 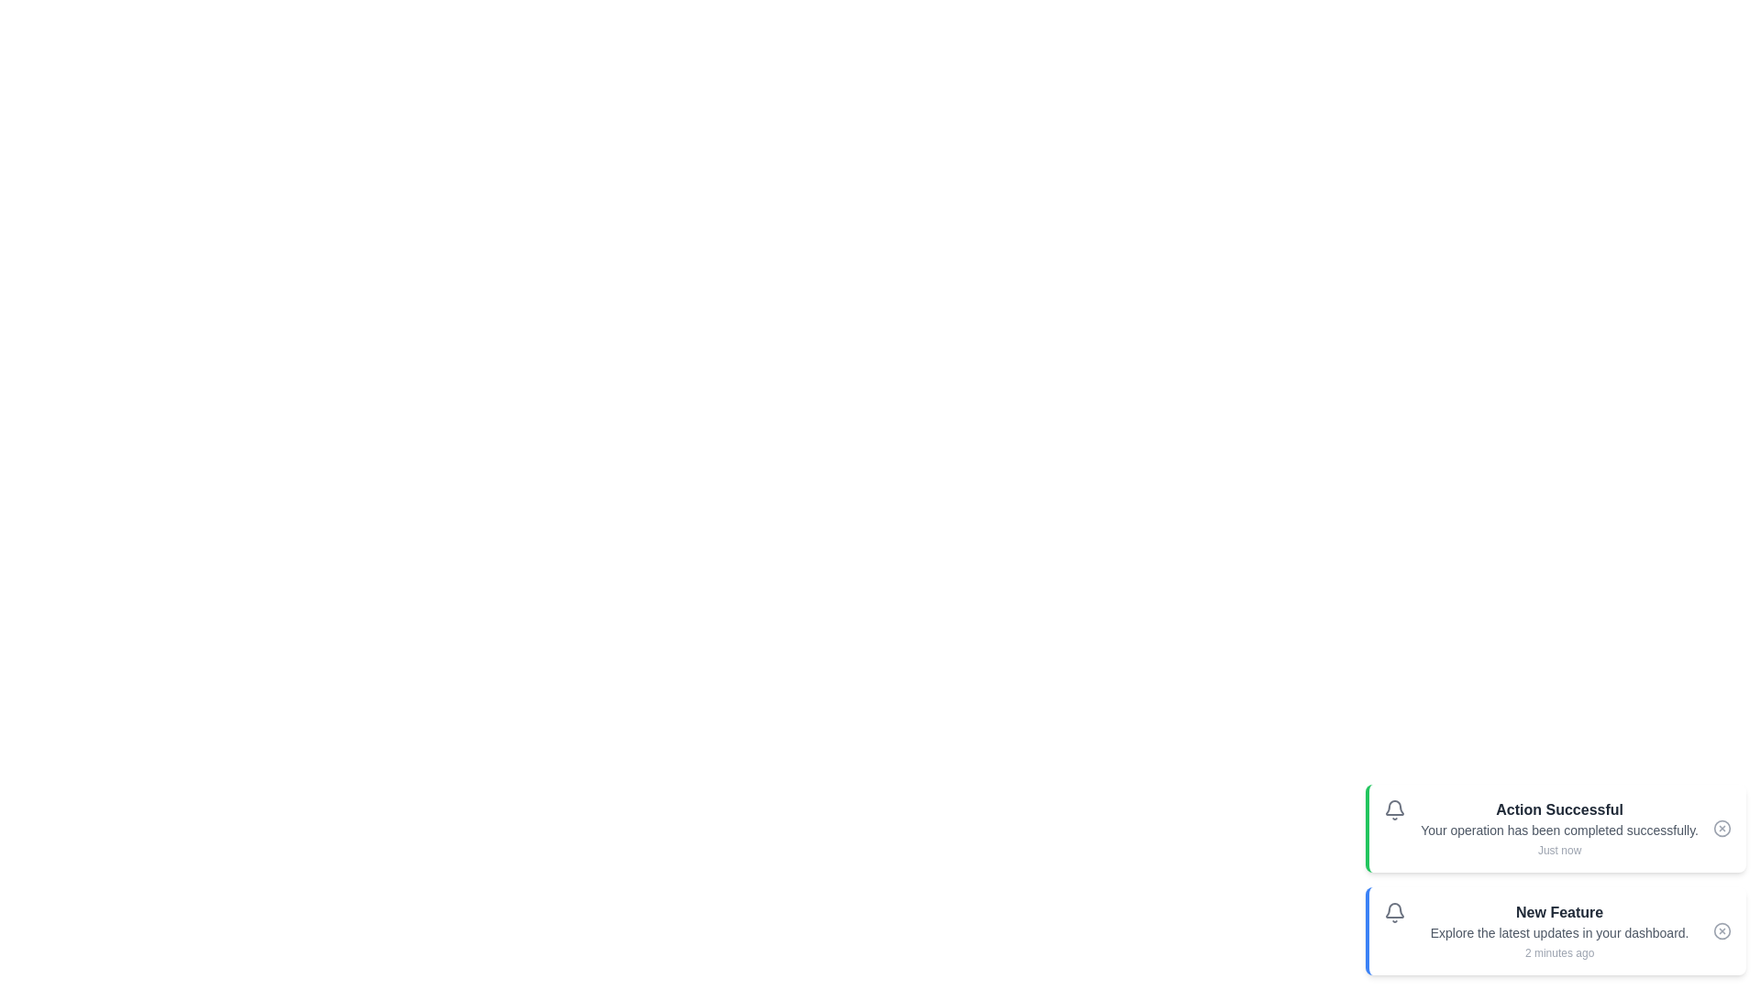 I want to click on the descriptive message about the 'New Feature' notification, located below the 'New Feature' heading and above the '2 minutes ago' timestamp in the notification list, so click(x=1558, y=933).